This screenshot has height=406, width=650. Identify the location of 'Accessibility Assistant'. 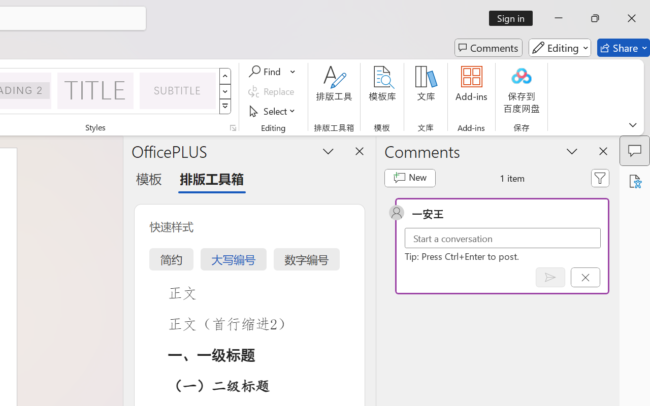
(634, 181).